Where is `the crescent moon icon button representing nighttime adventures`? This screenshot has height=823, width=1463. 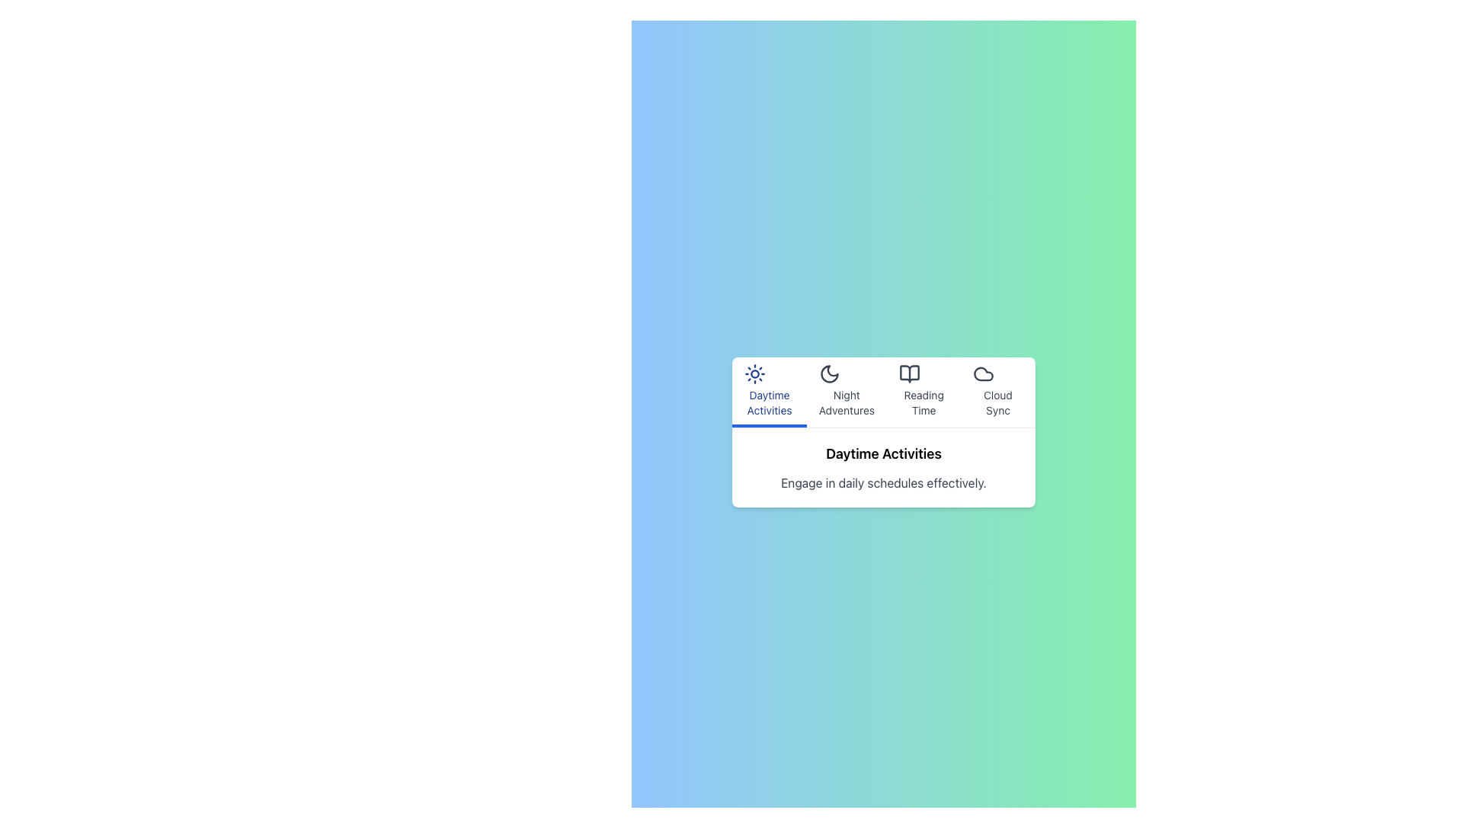 the crescent moon icon button representing nighttime adventures is located at coordinates (828, 373).